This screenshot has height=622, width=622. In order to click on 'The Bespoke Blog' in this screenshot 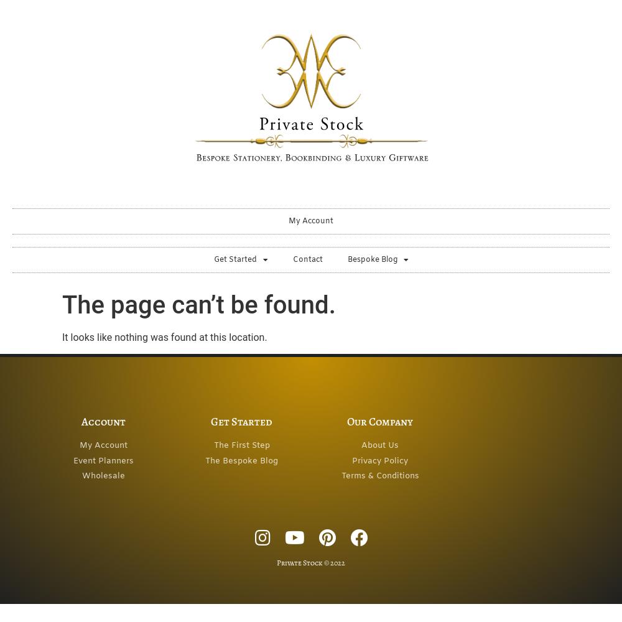, I will do `click(241, 460)`.